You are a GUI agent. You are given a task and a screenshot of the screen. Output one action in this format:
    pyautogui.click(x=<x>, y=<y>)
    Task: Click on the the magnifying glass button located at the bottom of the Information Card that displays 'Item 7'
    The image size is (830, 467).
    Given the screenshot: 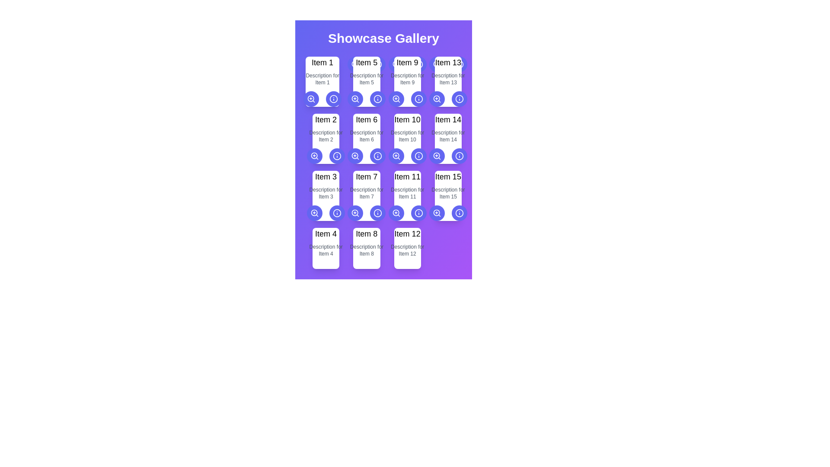 What is the action you would take?
    pyautogui.click(x=367, y=195)
    